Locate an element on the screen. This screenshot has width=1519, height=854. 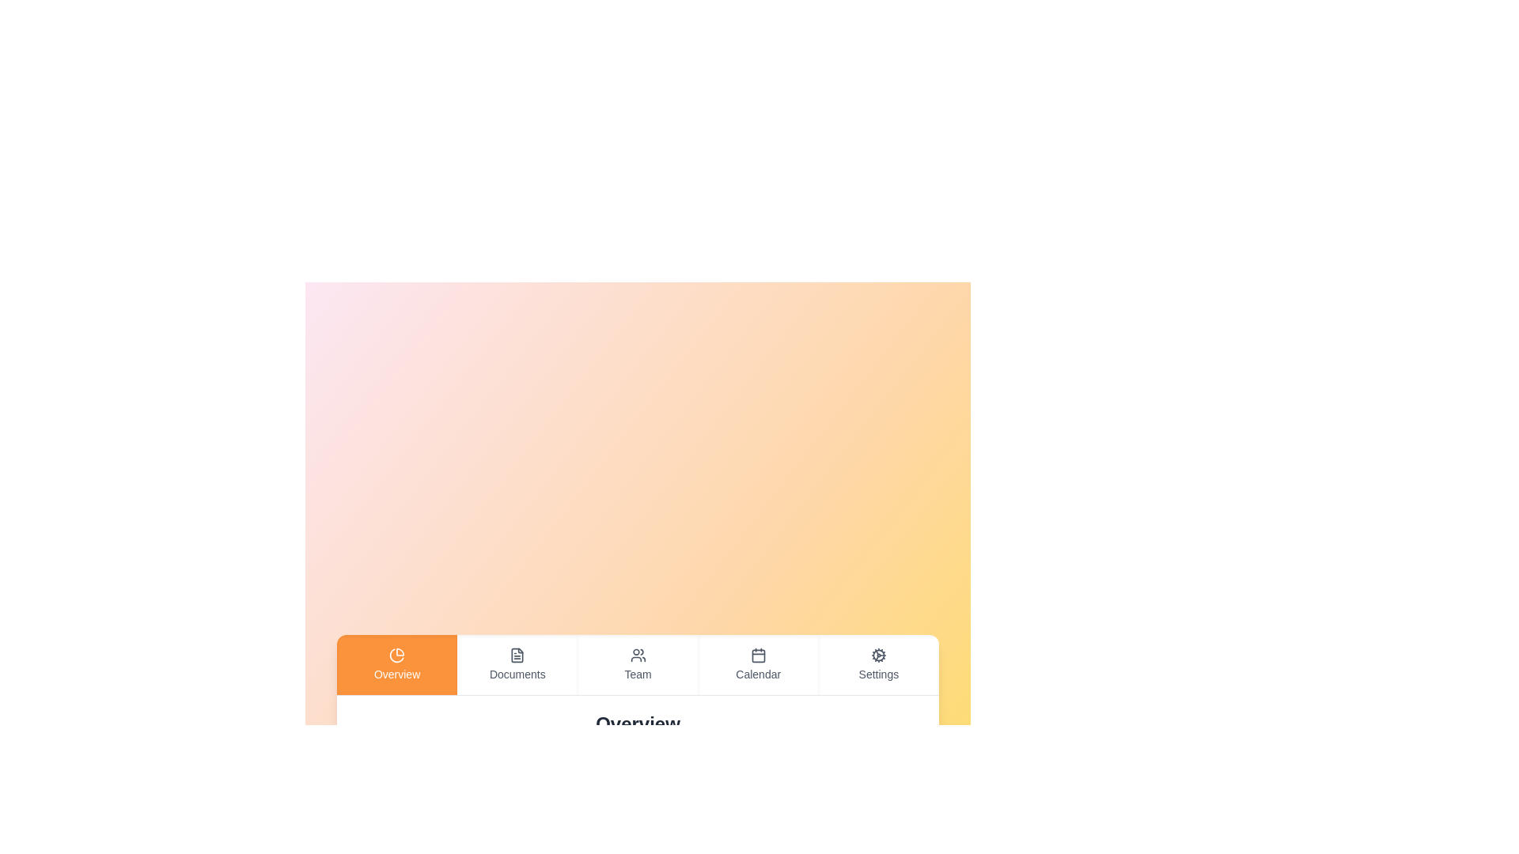
the 'Settings' Navigation Tab, which features a cogwheel icon above the text is located at coordinates (877, 664).